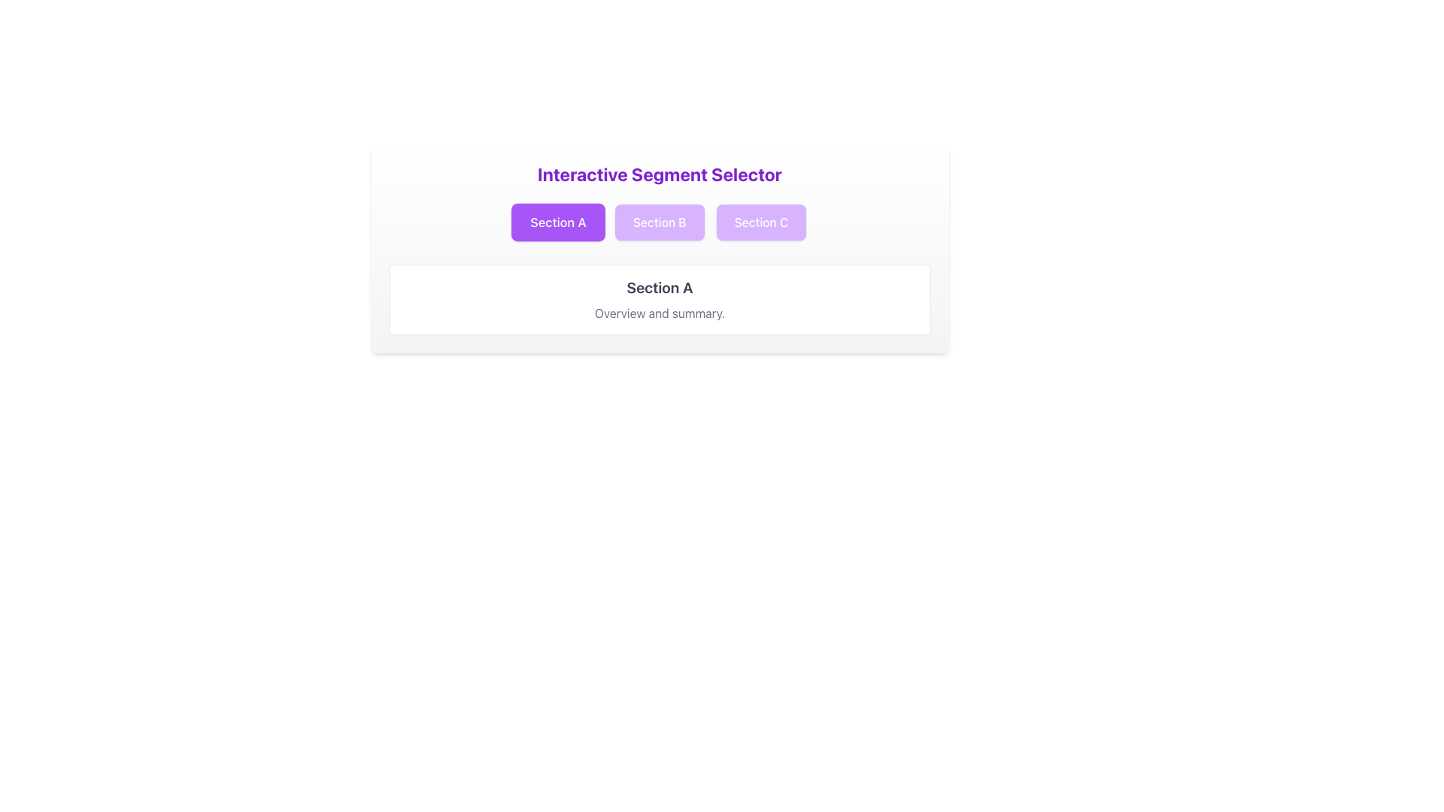 Image resolution: width=1444 pixels, height=812 pixels. I want to click on the title 'Interactive Segment Selector', which is displayed in bold and purple at the top center of the interface, above the interactive buttons 'Section A', 'Section B', and 'Section C', so click(660, 173).